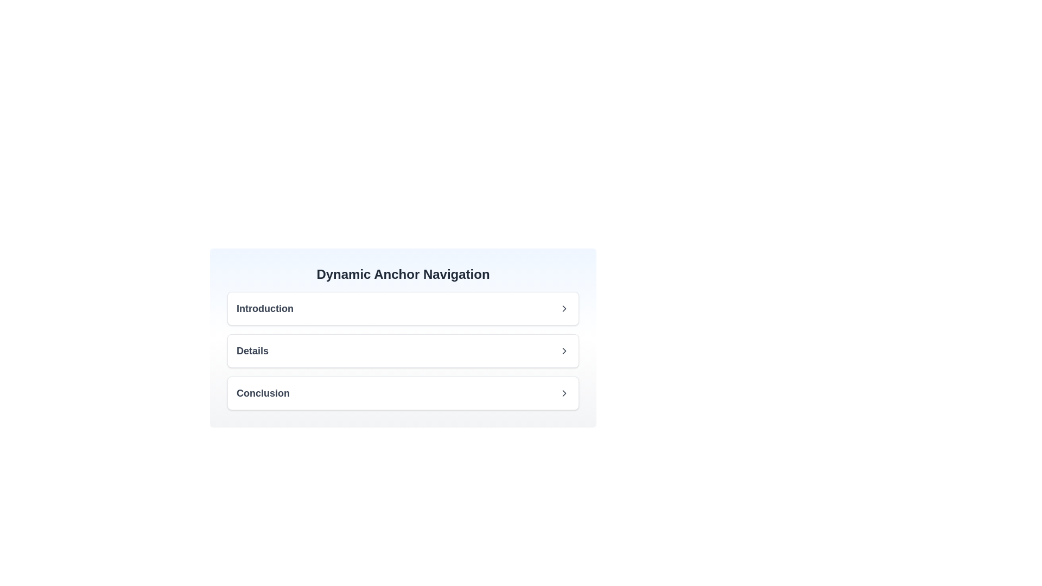  Describe the element at coordinates (564, 393) in the screenshot. I see `the right-pointing arrow icon located at the far right of the 'Conclusion' section in the navigation list` at that location.